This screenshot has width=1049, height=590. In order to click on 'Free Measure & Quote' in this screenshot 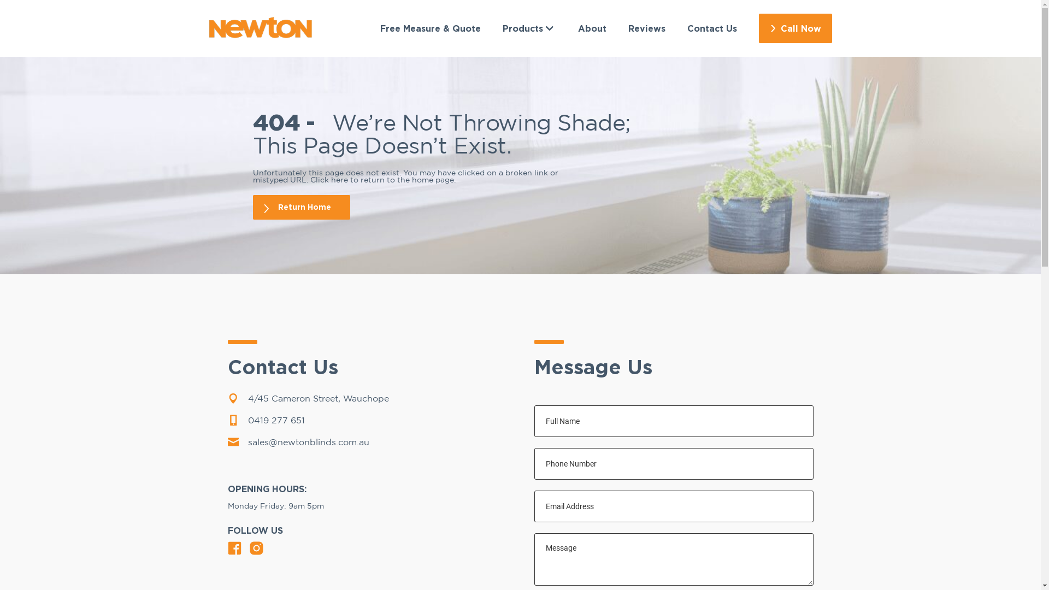, I will do `click(429, 27)`.